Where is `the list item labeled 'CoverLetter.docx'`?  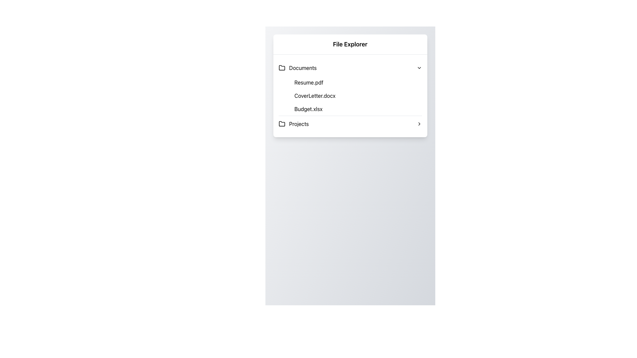
the list item labeled 'CoverLetter.docx' is located at coordinates (355, 96).